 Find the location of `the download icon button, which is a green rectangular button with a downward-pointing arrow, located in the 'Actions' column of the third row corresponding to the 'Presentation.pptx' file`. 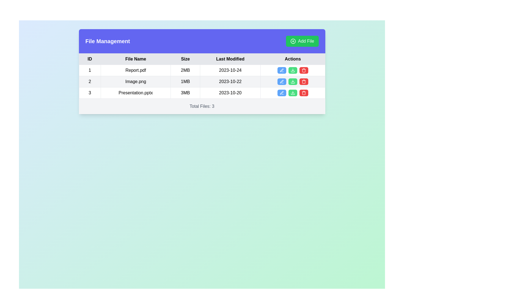

the download icon button, which is a green rectangular button with a downward-pointing arrow, located in the 'Actions' column of the third row corresponding to the 'Presentation.pptx' file is located at coordinates (292, 70).